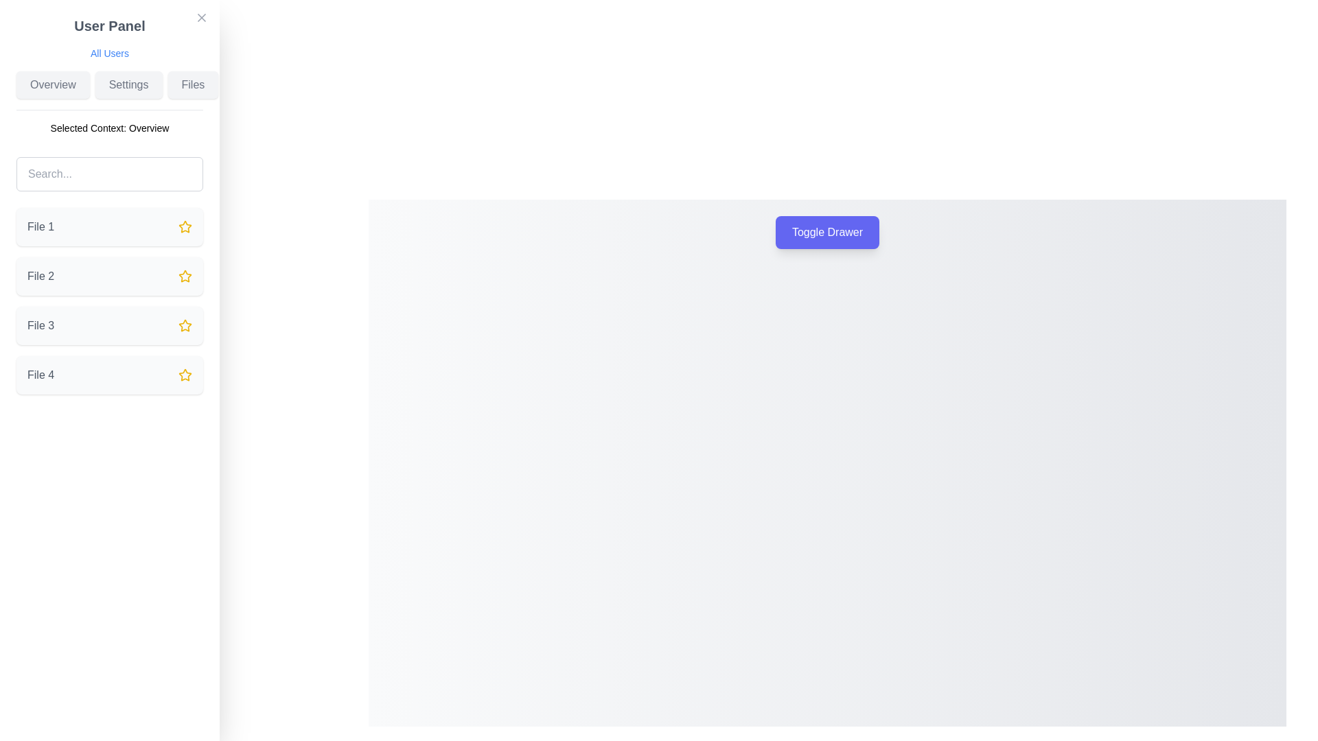  I want to click on the favorite icon located in the fourth row of the 'Files' section in the sidebar, so click(184, 375).